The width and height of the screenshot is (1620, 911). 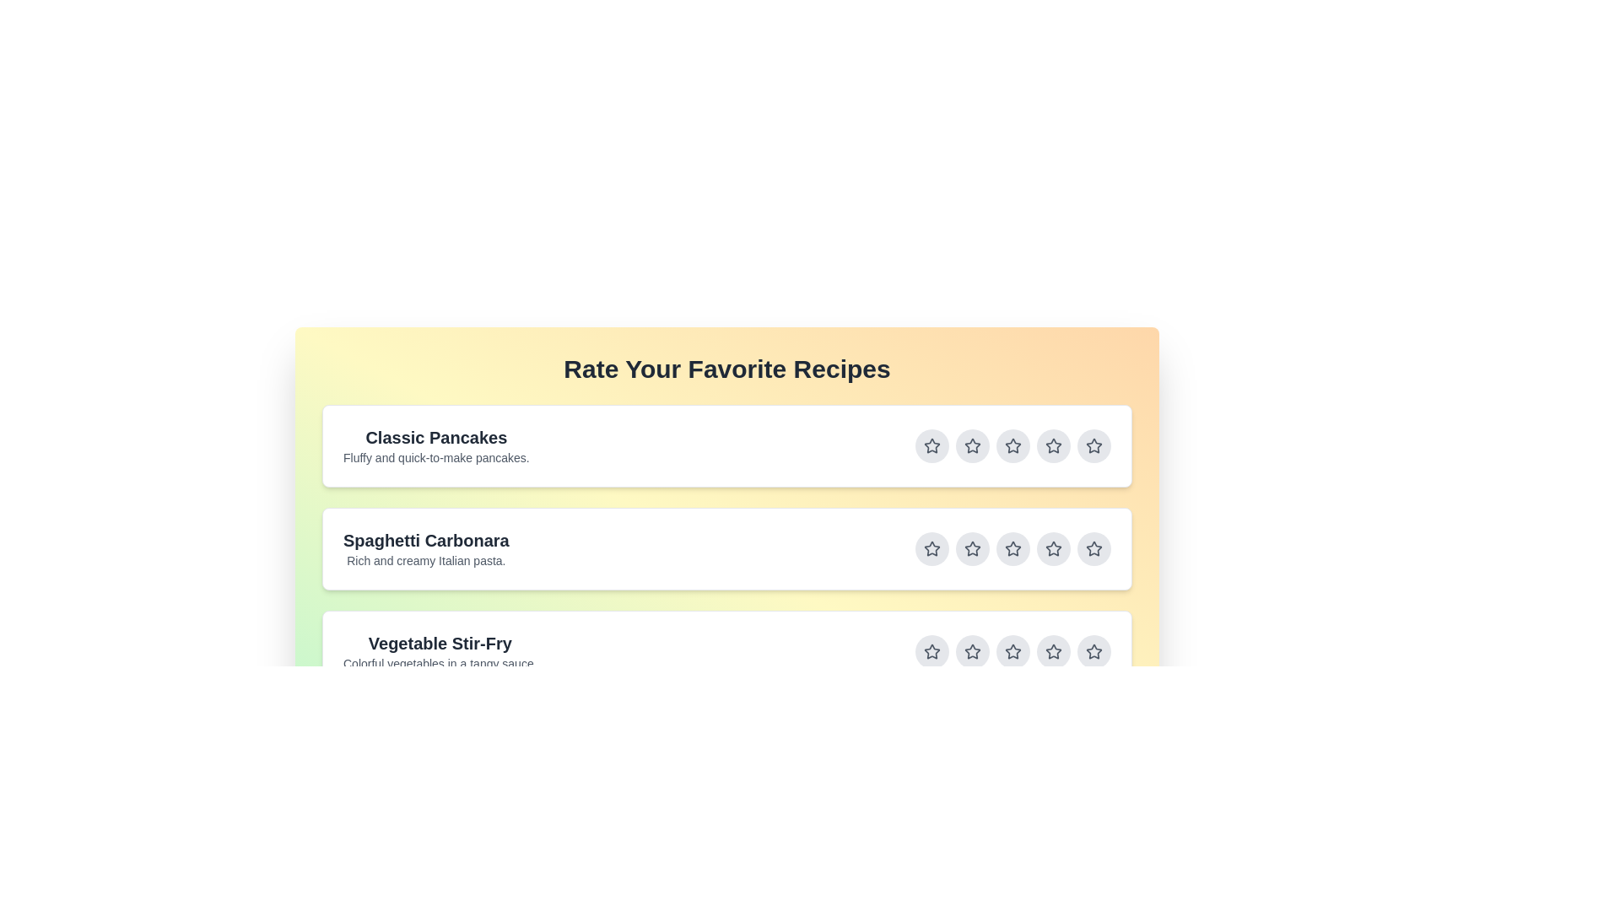 What do you see at coordinates (972, 549) in the screenshot?
I see `the star button for rating 2 of the recipe Spaghetti Carbonara` at bounding box center [972, 549].